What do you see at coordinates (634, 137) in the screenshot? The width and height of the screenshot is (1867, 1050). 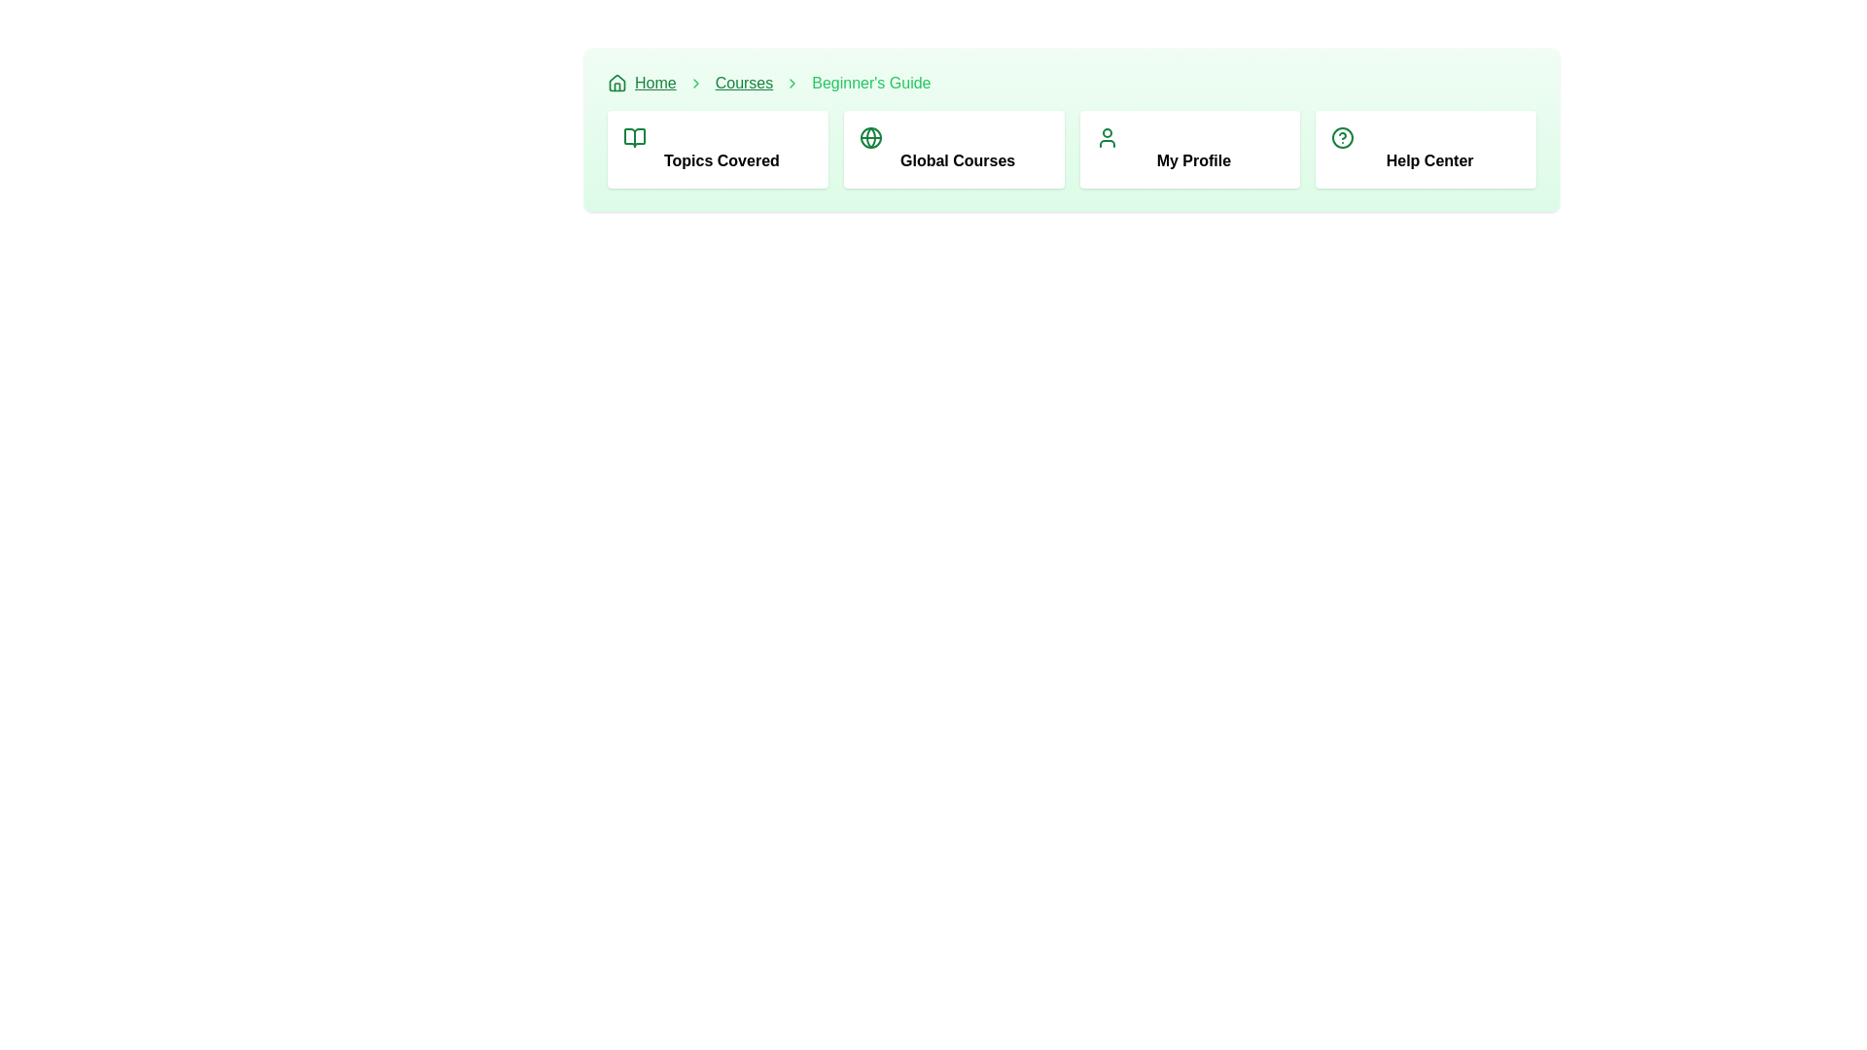 I see `the green book icon located in the 'Topics Covered' card, which has a rounded appearance and is positioned on a white background` at bounding box center [634, 137].